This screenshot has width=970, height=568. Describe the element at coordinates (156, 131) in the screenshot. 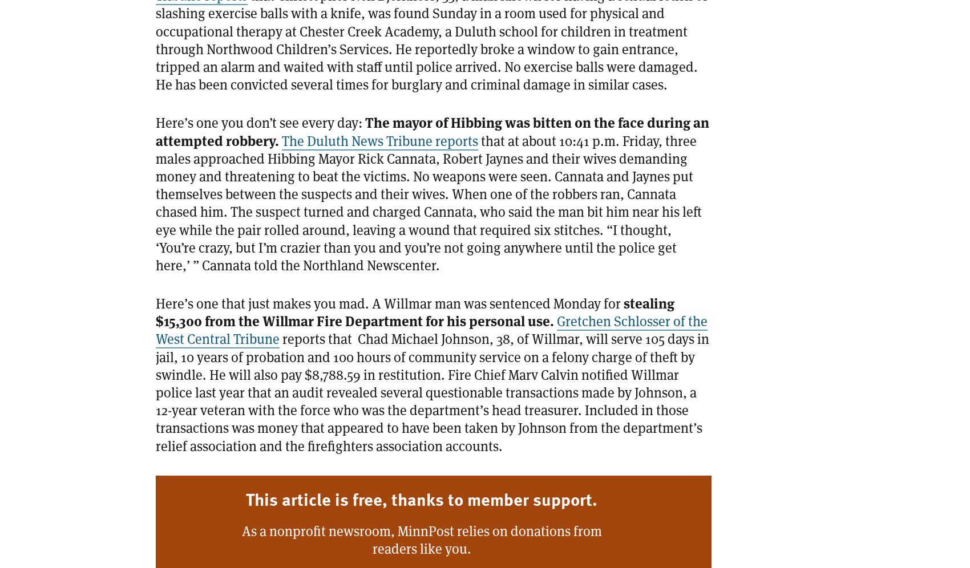

I see `'The mayor of Hibbing was bitten on the face during an attempted robbery.'` at that location.